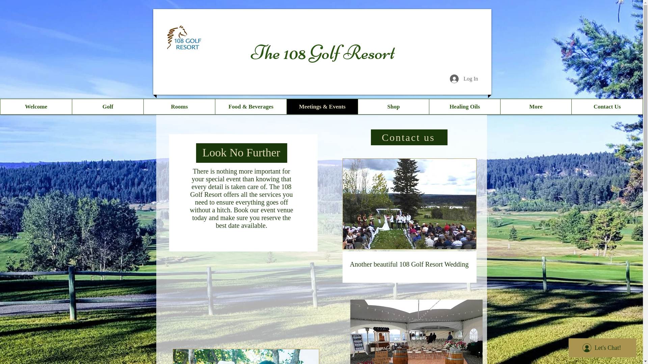  What do you see at coordinates (107, 106) in the screenshot?
I see `'Golf'` at bounding box center [107, 106].